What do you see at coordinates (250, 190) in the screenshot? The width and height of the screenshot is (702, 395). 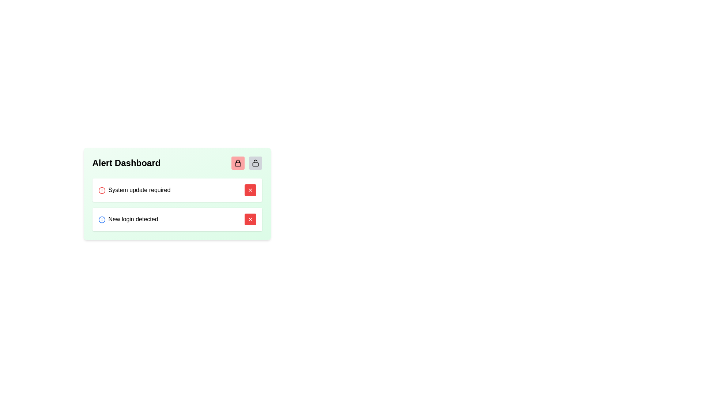 I see `the second red button in the alert dashboard` at bounding box center [250, 190].